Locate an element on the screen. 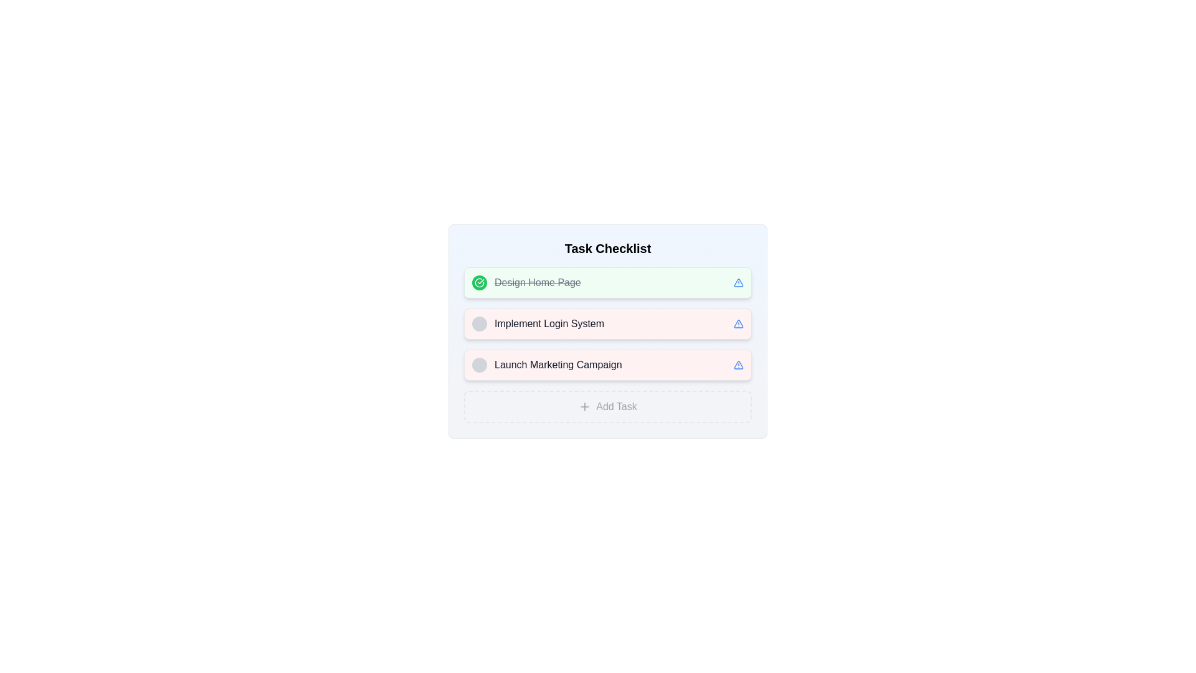 The width and height of the screenshot is (1196, 673). the text element 'Design Home Page' which is styled with a line-through and indicates a completed task in the checklist interface is located at coordinates (538, 283).